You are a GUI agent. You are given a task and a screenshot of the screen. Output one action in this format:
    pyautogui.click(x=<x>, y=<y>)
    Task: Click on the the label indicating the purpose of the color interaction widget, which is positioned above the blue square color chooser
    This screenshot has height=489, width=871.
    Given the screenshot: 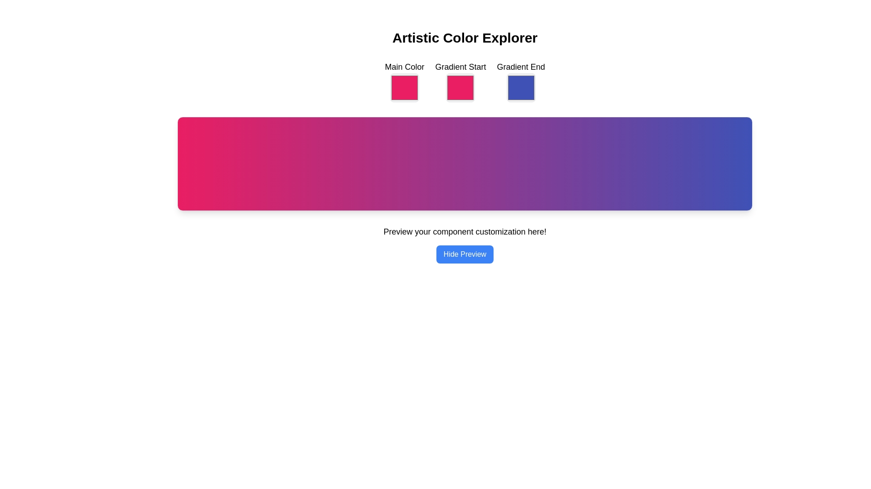 What is the action you would take?
    pyautogui.click(x=521, y=66)
    